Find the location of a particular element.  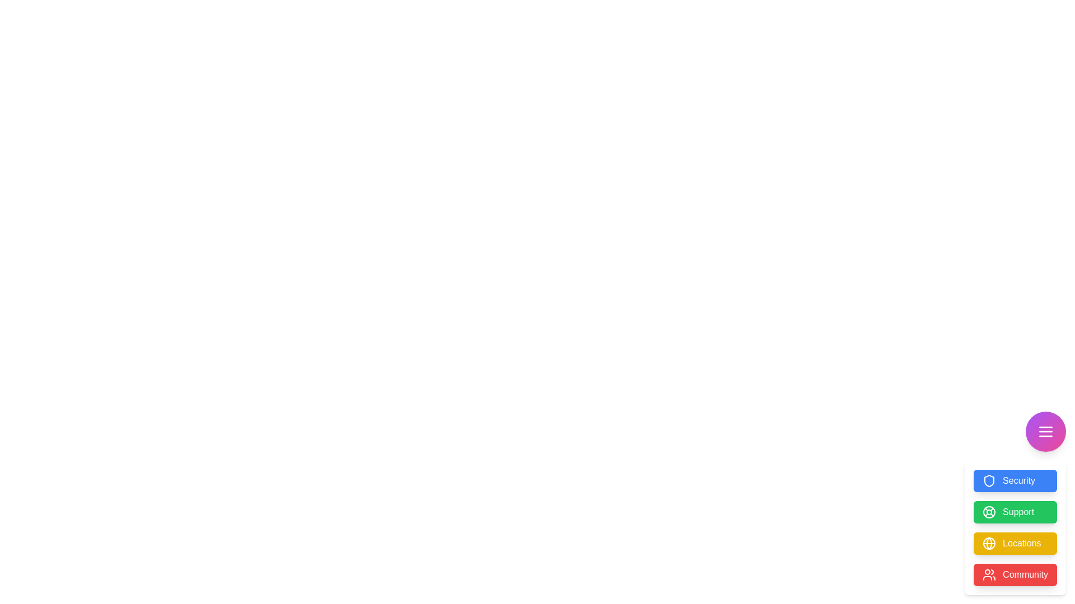

the blue 'Security' button with a shield icon is located at coordinates (1015, 480).